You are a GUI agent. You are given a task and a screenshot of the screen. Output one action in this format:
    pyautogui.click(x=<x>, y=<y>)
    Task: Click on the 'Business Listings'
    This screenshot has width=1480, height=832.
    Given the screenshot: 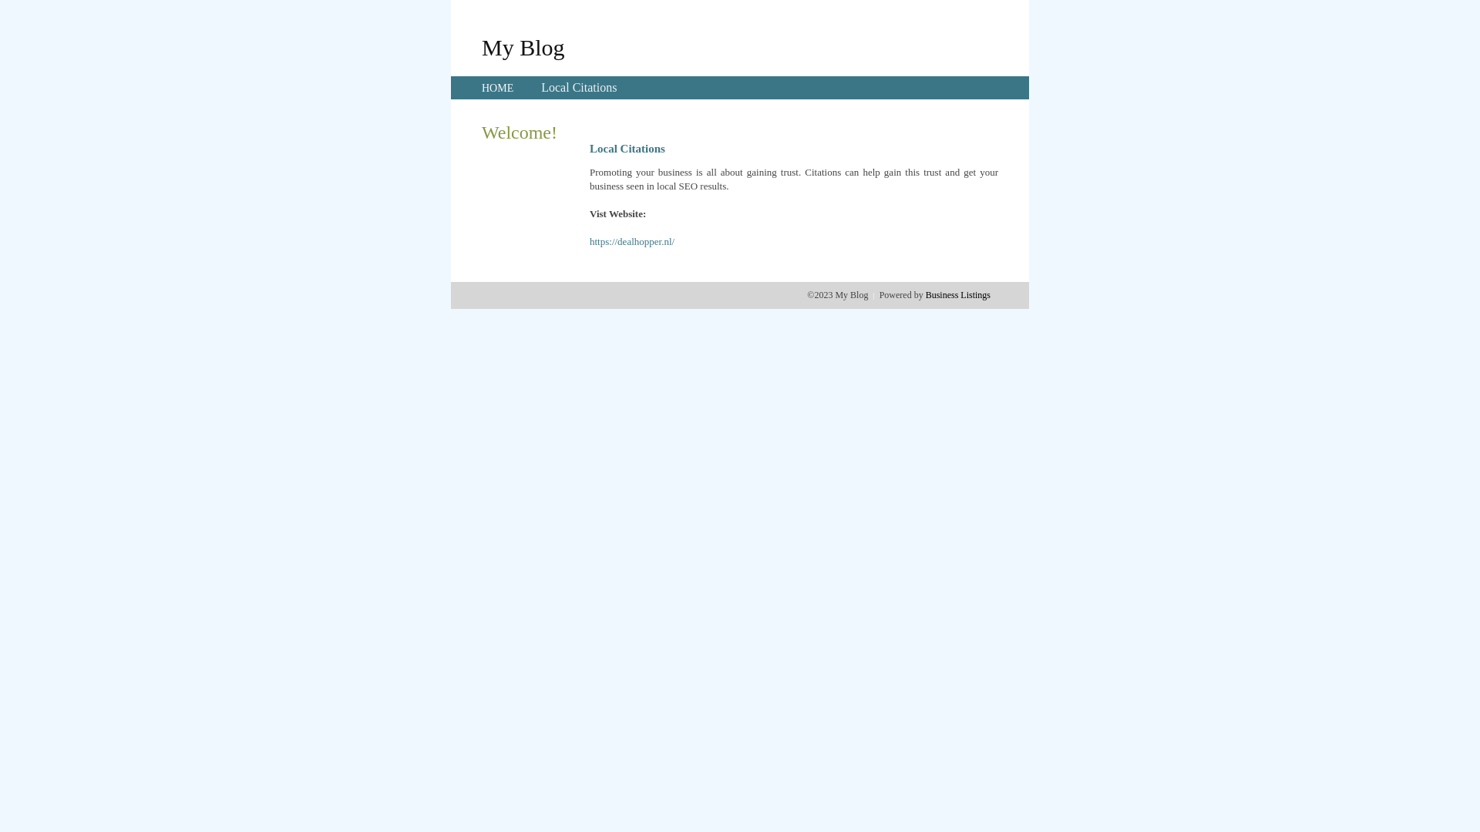 What is the action you would take?
    pyautogui.click(x=957, y=294)
    